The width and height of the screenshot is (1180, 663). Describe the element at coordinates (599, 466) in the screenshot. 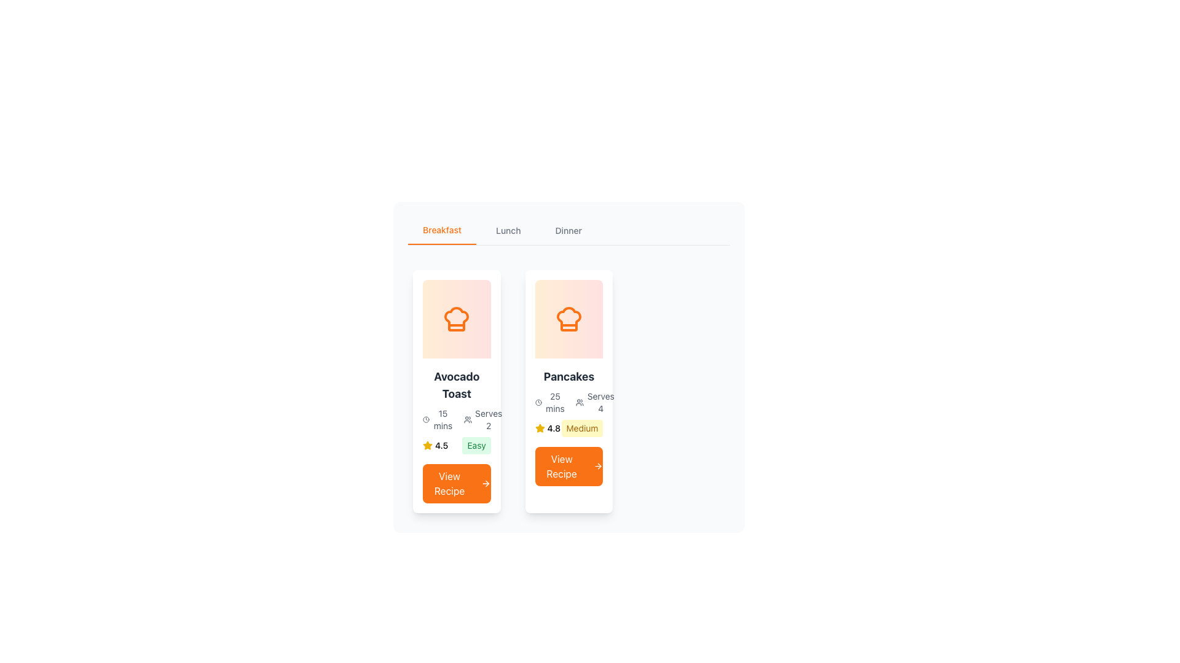

I see `keyboard navigation` at that location.